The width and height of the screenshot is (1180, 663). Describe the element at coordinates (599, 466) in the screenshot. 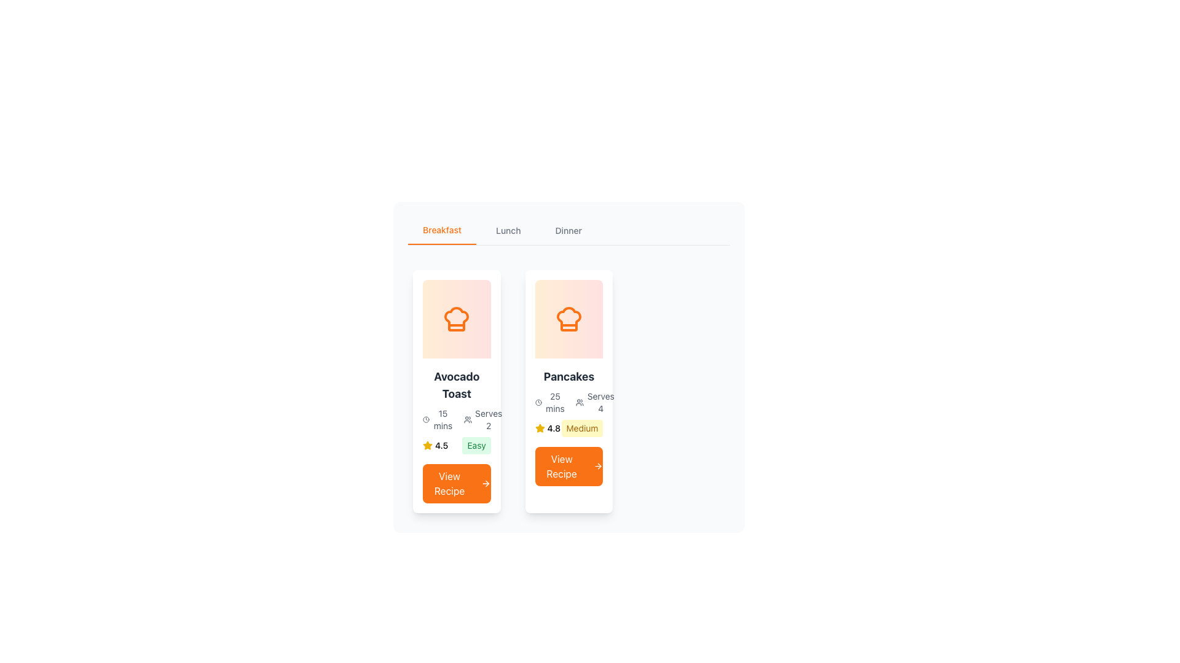

I see `keyboard navigation` at that location.